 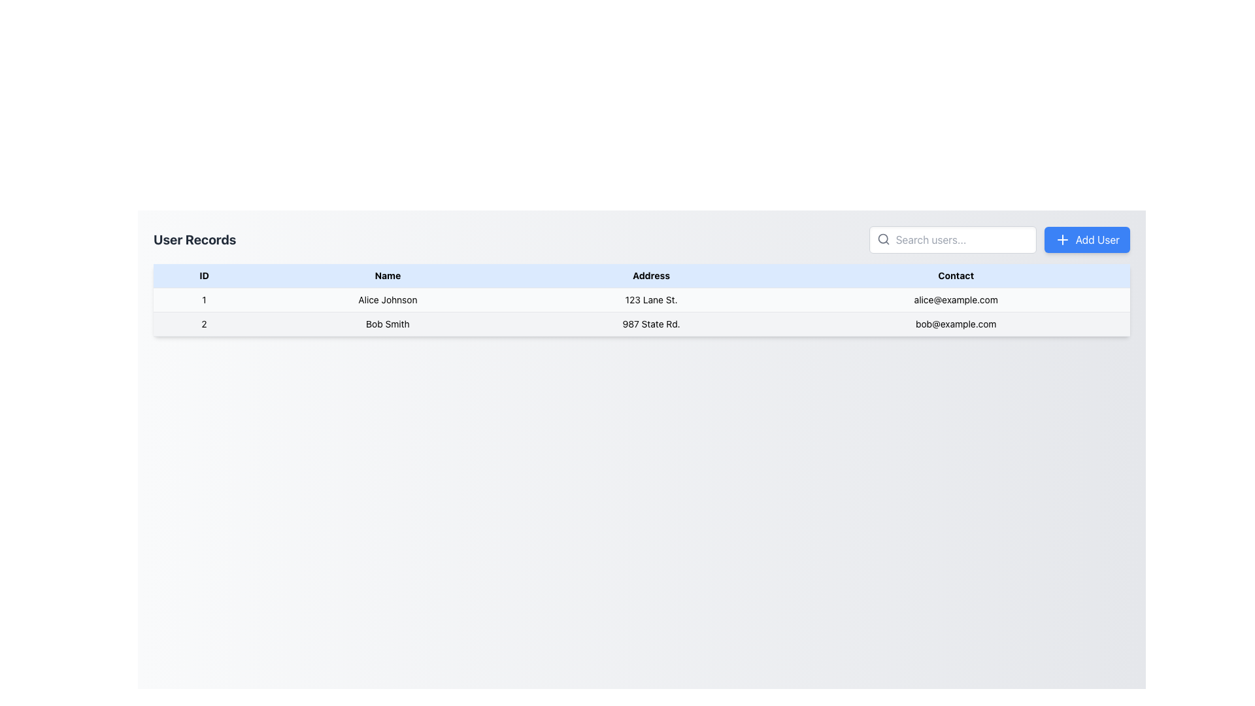 I want to click on the text label displaying 'Address' in bold black font on a light blue background, which is the third header in a table layout, so click(x=651, y=275).